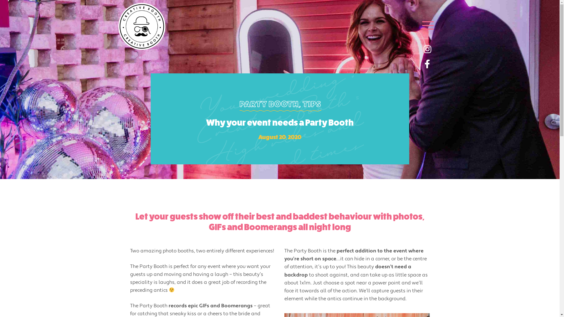  Describe the element at coordinates (269, 104) in the screenshot. I see `'PARTY BOOTH'` at that location.